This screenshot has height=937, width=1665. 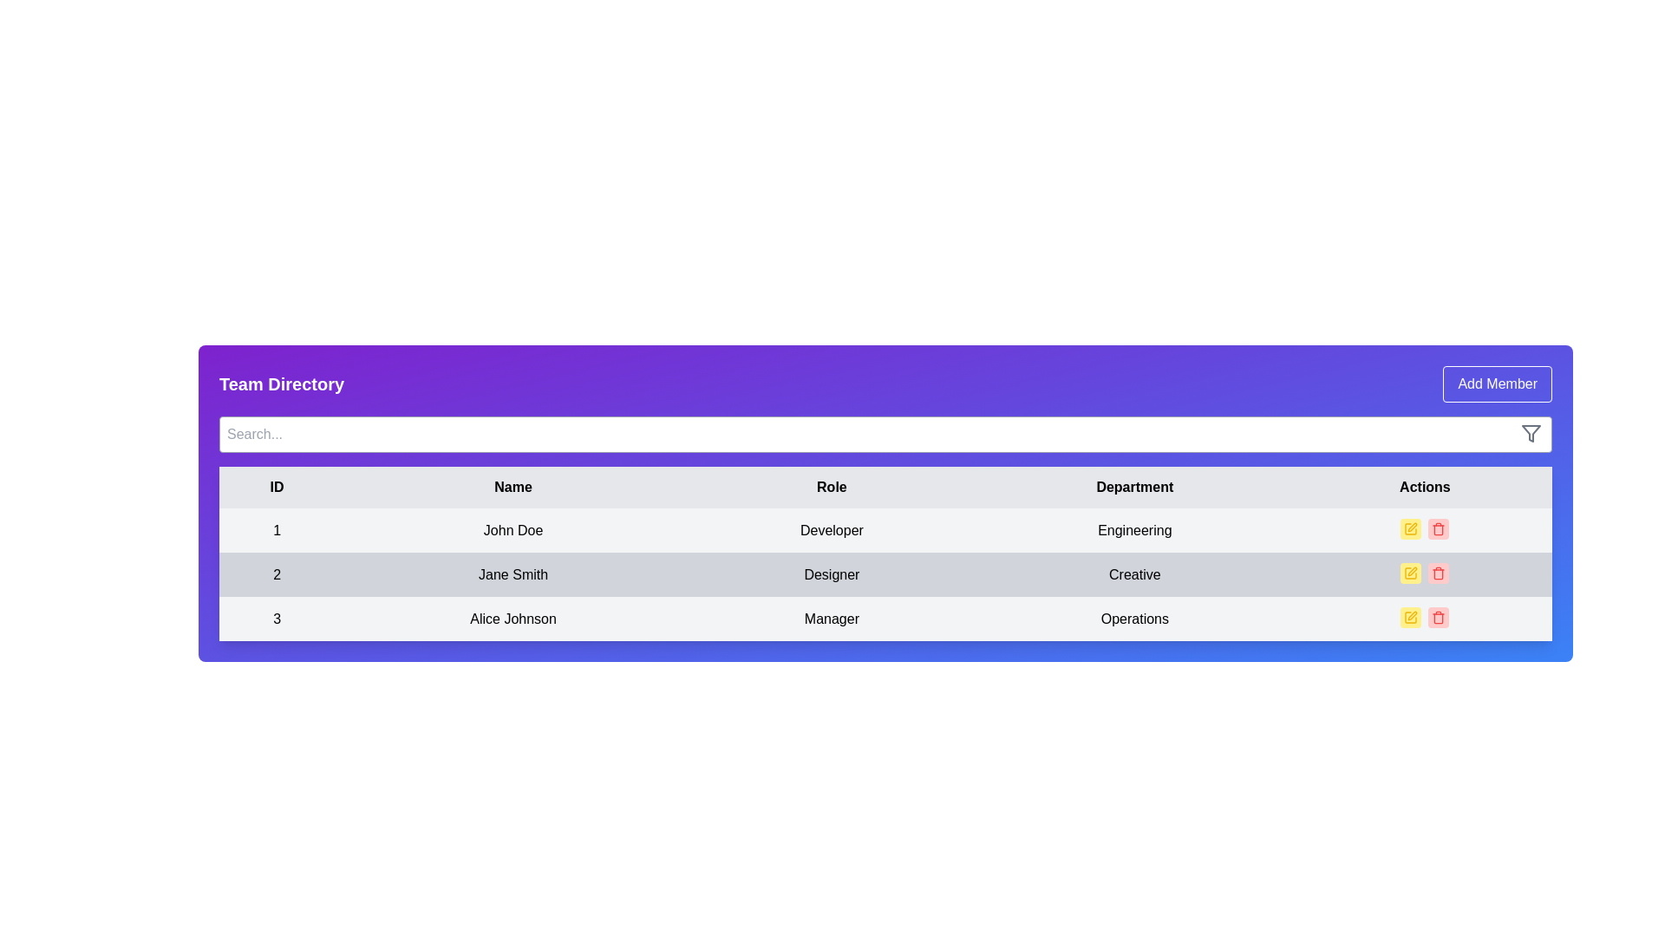 I want to click on the text label displaying the department name 'Developer' for the entry 'John Doe' located in the fourth column of the first row in the content grid, so click(x=1134, y=529).